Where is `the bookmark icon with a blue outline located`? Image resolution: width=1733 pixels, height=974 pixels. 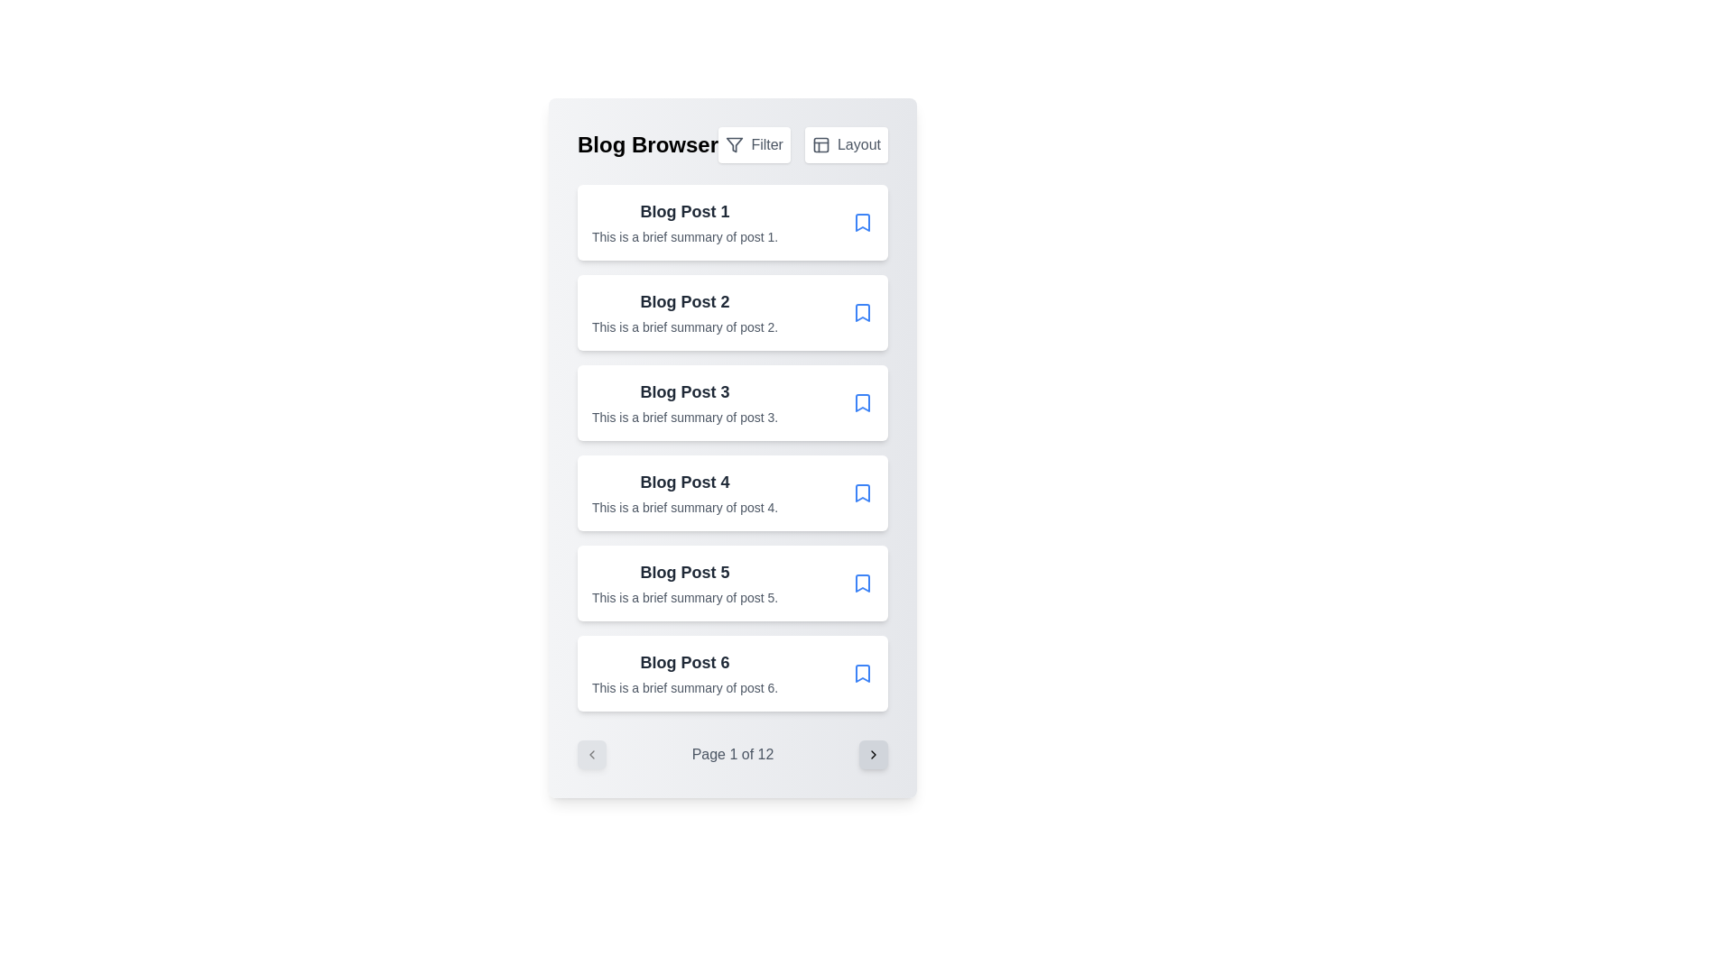 the bookmark icon with a blue outline located is located at coordinates (861, 674).